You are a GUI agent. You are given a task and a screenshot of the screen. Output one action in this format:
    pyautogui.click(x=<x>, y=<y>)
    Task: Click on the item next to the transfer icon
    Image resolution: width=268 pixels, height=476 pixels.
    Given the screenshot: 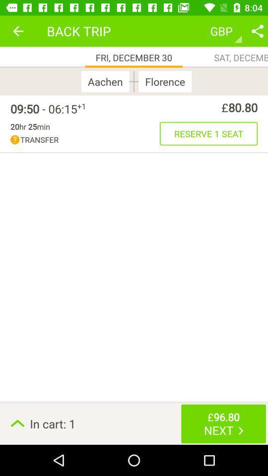 What is the action you would take?
    pyautogui.click(x=208, y=133)
    